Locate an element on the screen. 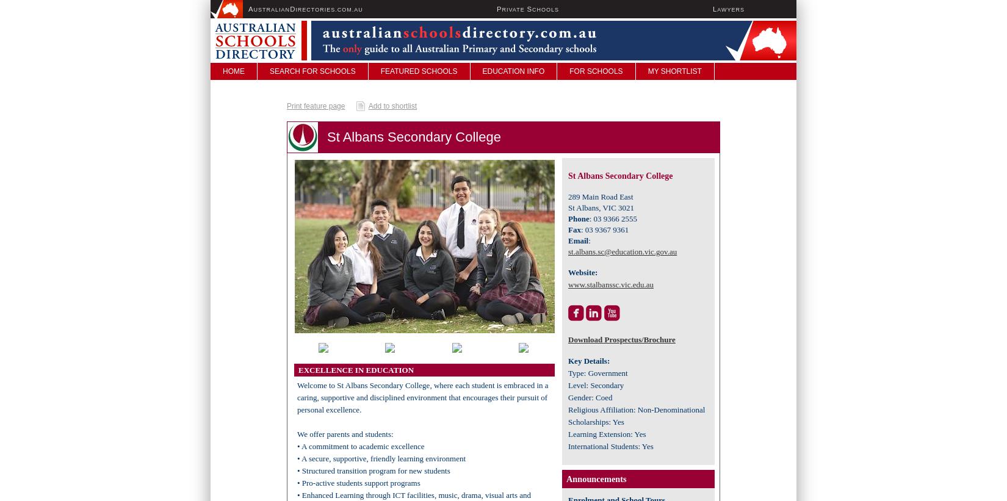 The width and height of the screenshot is (1007, 501). 'L' is located at coordinates (715, 9).